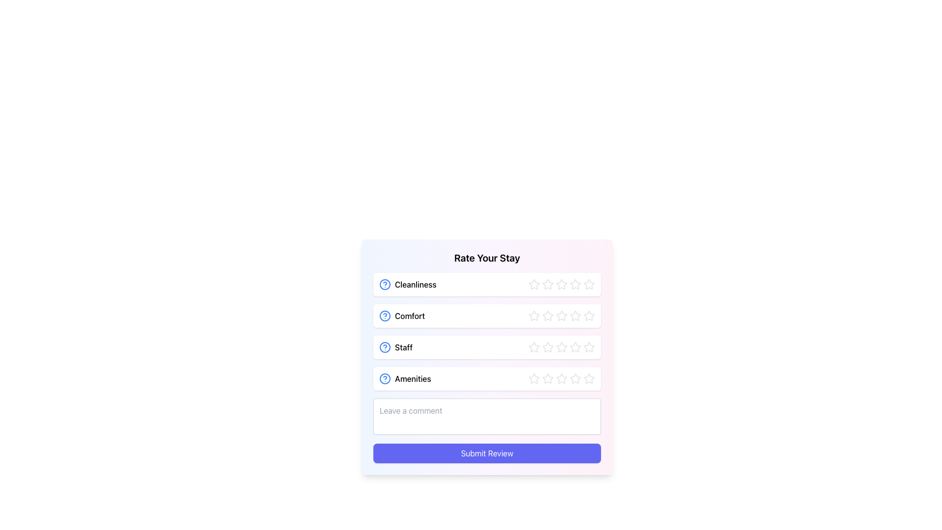  What do you see at coordinates (562, 378) in the screenshot?
I see `the third star in the rating system for the 'Amenities' category` at bounding box center [562, 378].